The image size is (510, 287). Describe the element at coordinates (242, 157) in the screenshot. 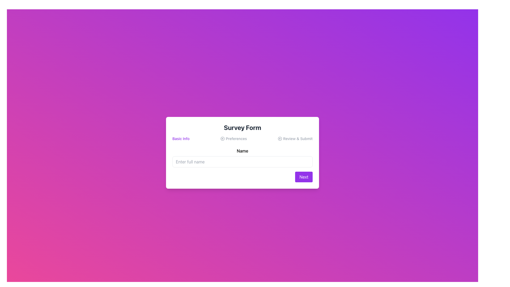

I see `into the input field labeled 'Name' to focus on it for entering the user's full name` at that location.